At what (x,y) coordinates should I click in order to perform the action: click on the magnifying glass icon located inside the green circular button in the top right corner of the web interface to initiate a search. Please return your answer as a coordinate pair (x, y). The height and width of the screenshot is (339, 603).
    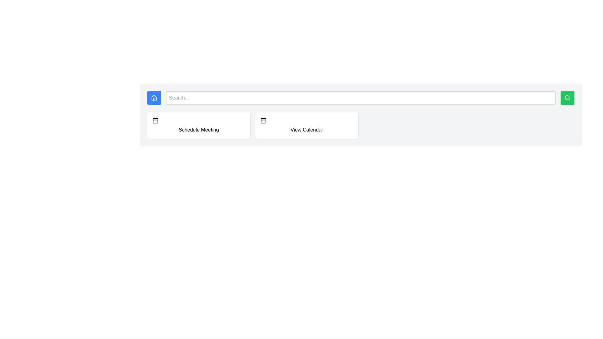
    Looking at the image, I should click on (567, 98).